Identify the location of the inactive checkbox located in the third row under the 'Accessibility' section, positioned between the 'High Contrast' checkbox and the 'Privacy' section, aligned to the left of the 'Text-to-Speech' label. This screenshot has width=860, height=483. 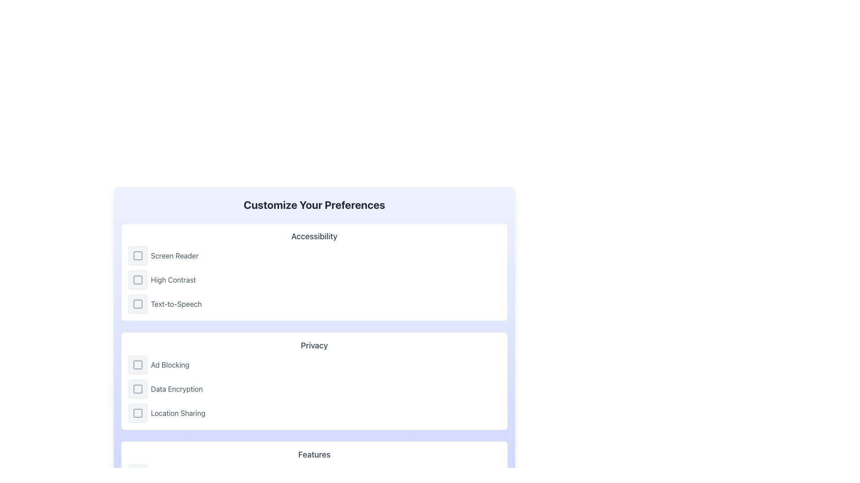
(137, 303).